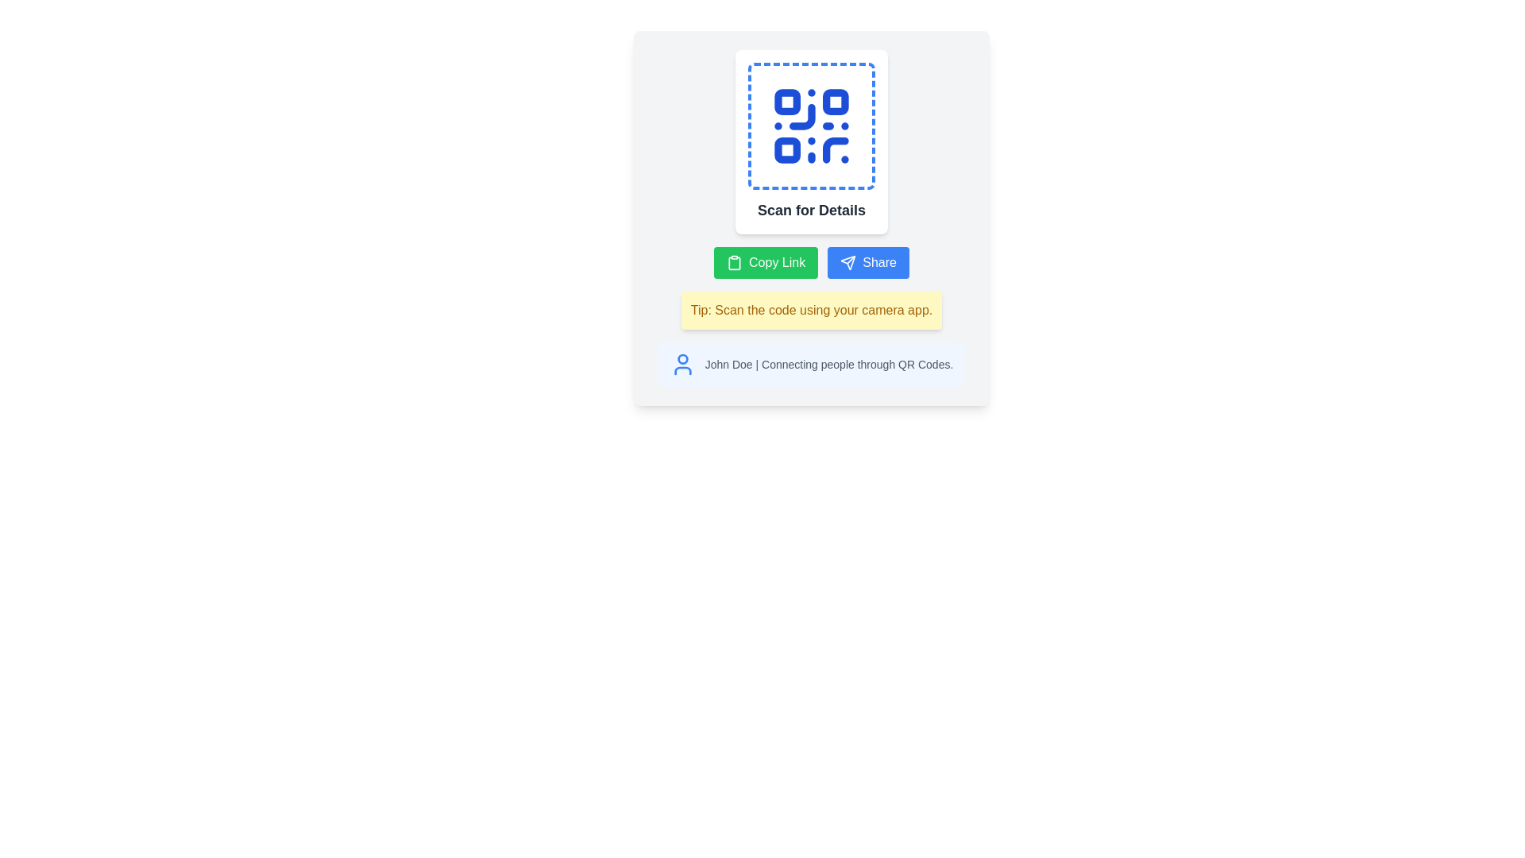 The image size is (1525, 858). I want to click on the text label that states 'Scan for Details', which is styled in bold and grayish-black color, located beneath the QR code graphic, so click(812, 210).